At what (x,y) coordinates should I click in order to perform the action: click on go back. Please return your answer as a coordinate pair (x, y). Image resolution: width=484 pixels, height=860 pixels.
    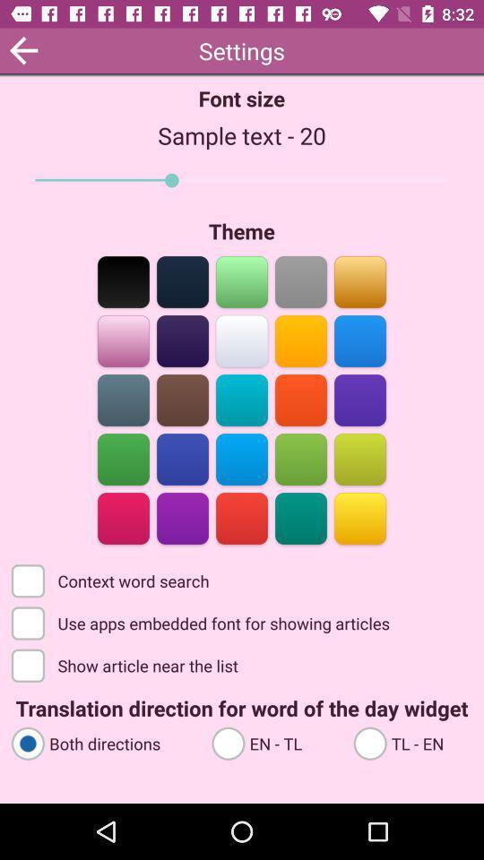
    Looking at the image, I should click on (22, 49).